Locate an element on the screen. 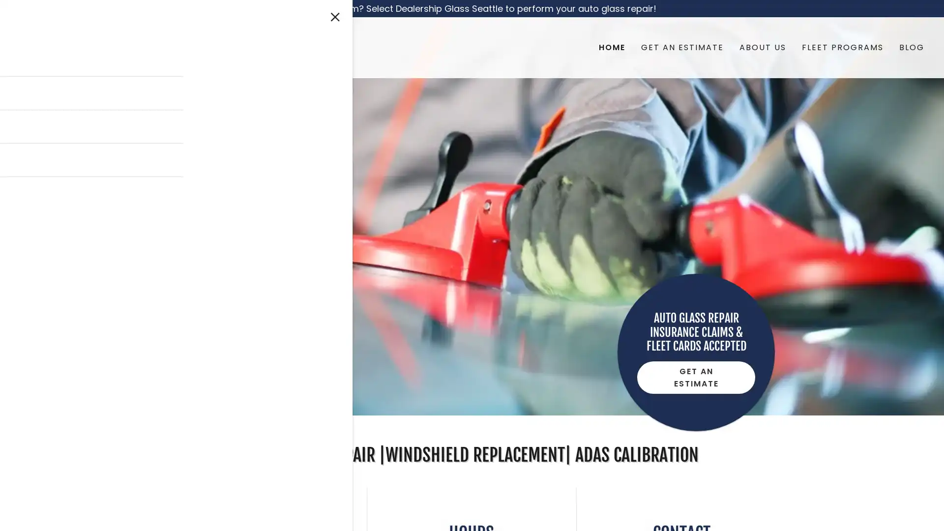  Chat widget toggle is located at coordinates (918, 506).